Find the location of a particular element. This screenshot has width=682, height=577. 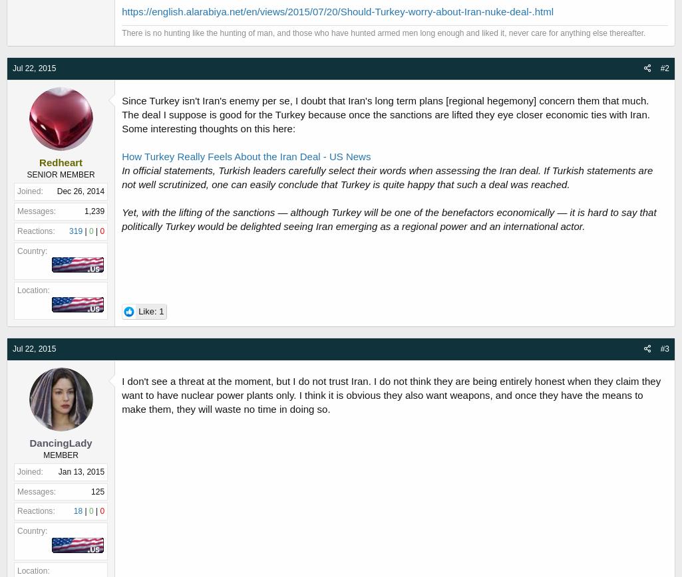

'125' is located at coordinates (96, 491).